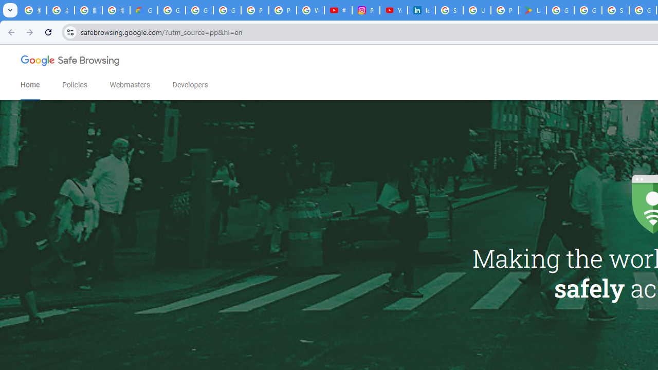  What do you see at coordinates (588, 10) in the screenshot?
I see `'Google Workspace - Specific Terms'` at bounding box center [588, 10].